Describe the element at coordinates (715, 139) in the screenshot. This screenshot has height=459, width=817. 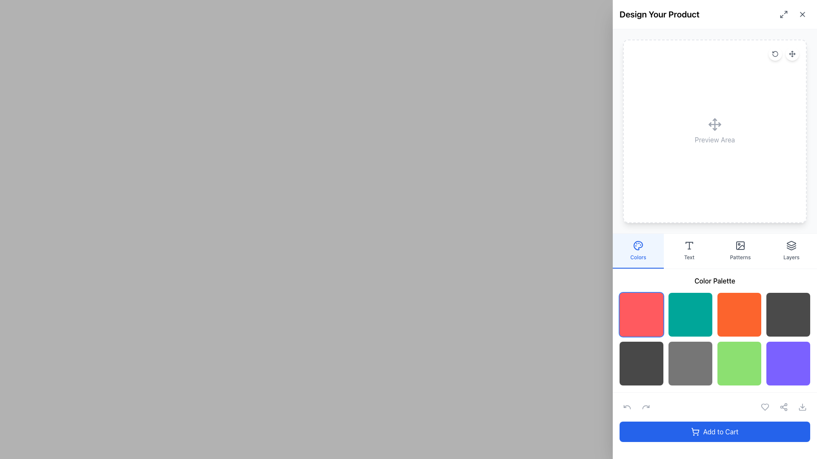
I see `the informational text label located centrally below the draggable icon in the design preview section on the right-hand side of the interface` at that location.